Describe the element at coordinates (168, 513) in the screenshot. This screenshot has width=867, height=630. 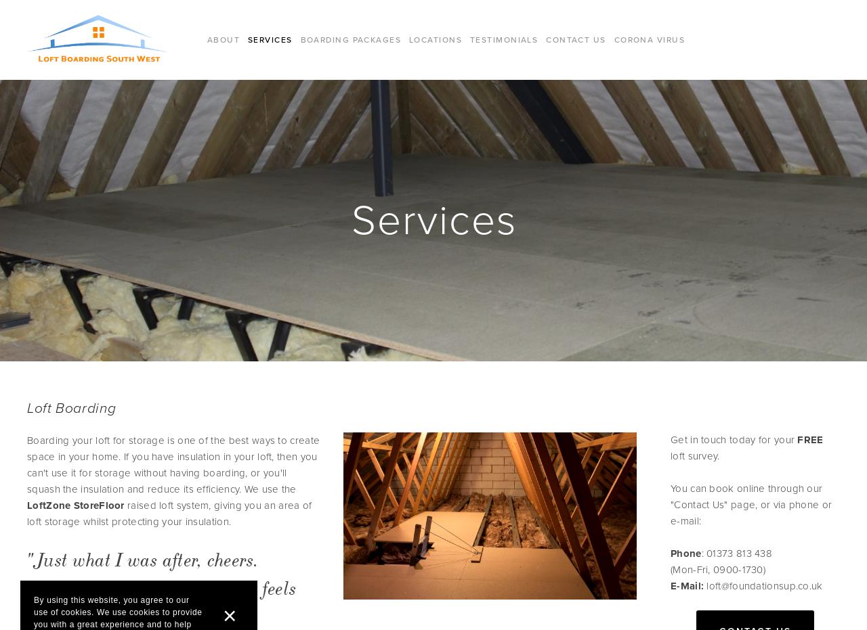
I see `'raised loft system, giving you an area of loft storage whilst protecting your insulation.'` at that location.